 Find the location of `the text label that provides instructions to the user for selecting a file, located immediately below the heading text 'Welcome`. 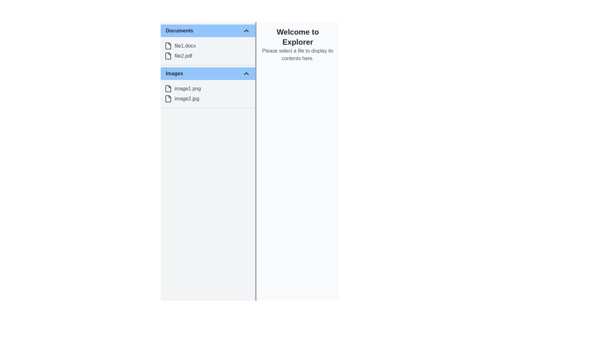

the text label that provides instructions to the user for selecting a file, located immediately below the heading text 'Welcome is located at coordinates (297, 54).